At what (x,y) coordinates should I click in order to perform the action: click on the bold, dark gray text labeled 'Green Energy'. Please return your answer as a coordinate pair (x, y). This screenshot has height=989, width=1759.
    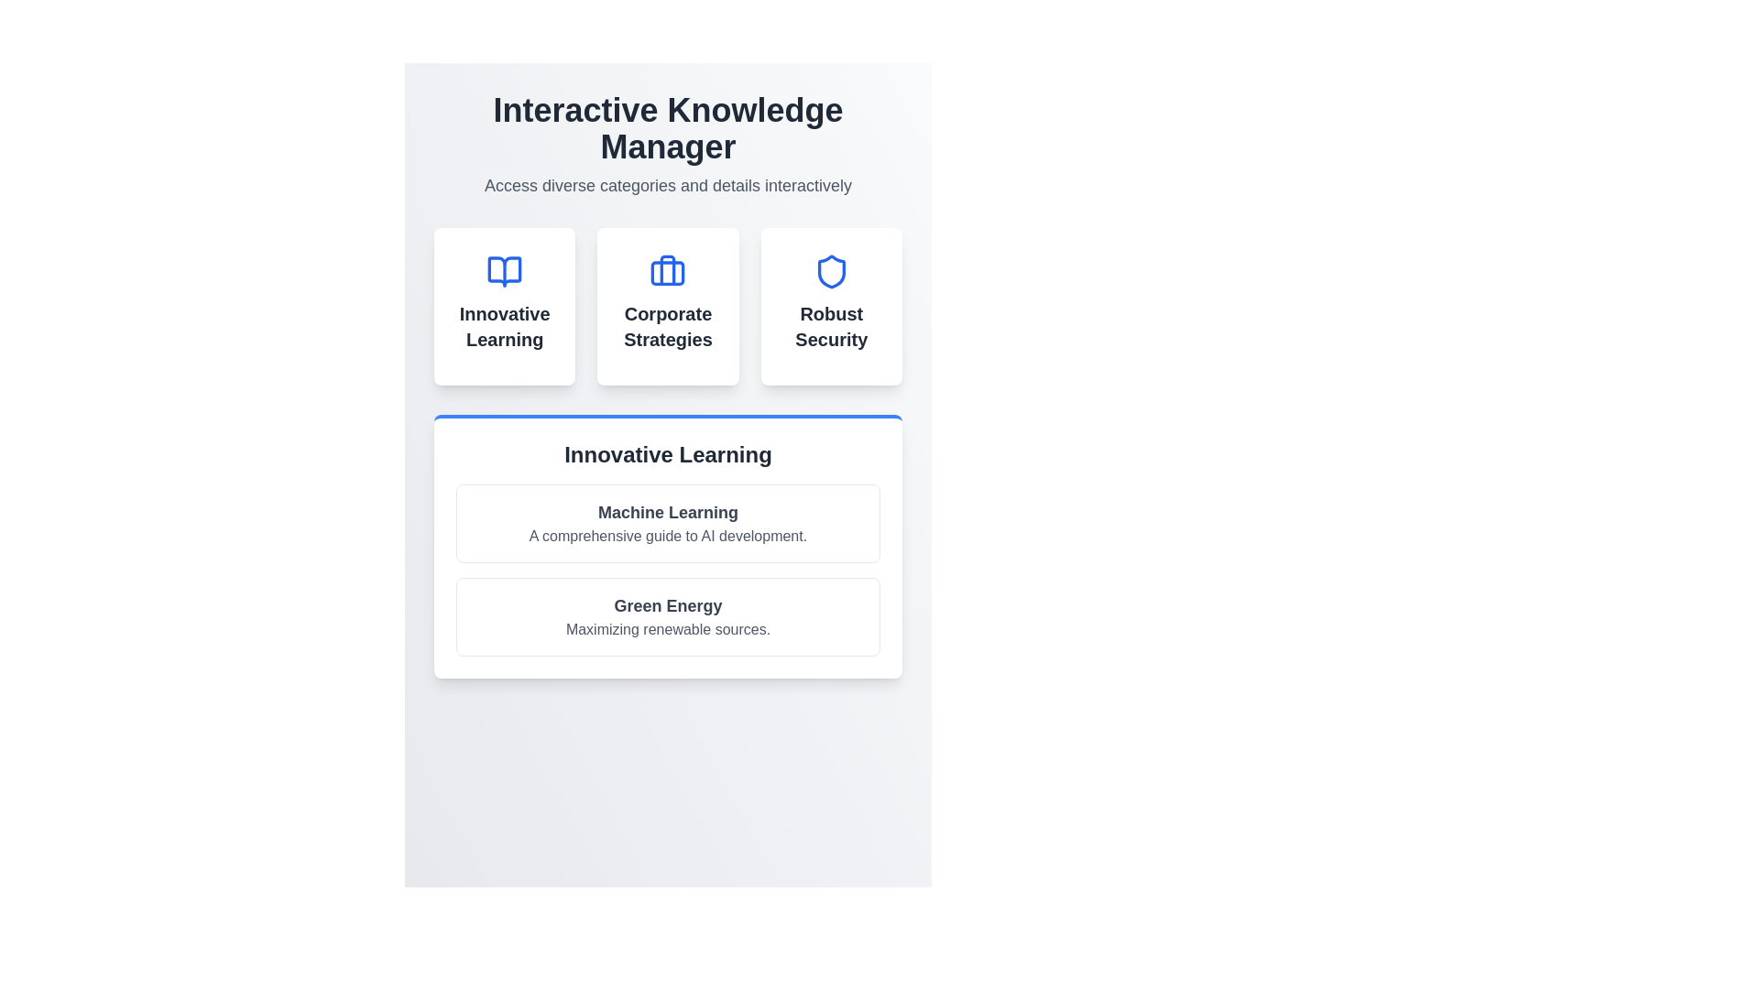
    Looking at the image, I should click on (667, 606).